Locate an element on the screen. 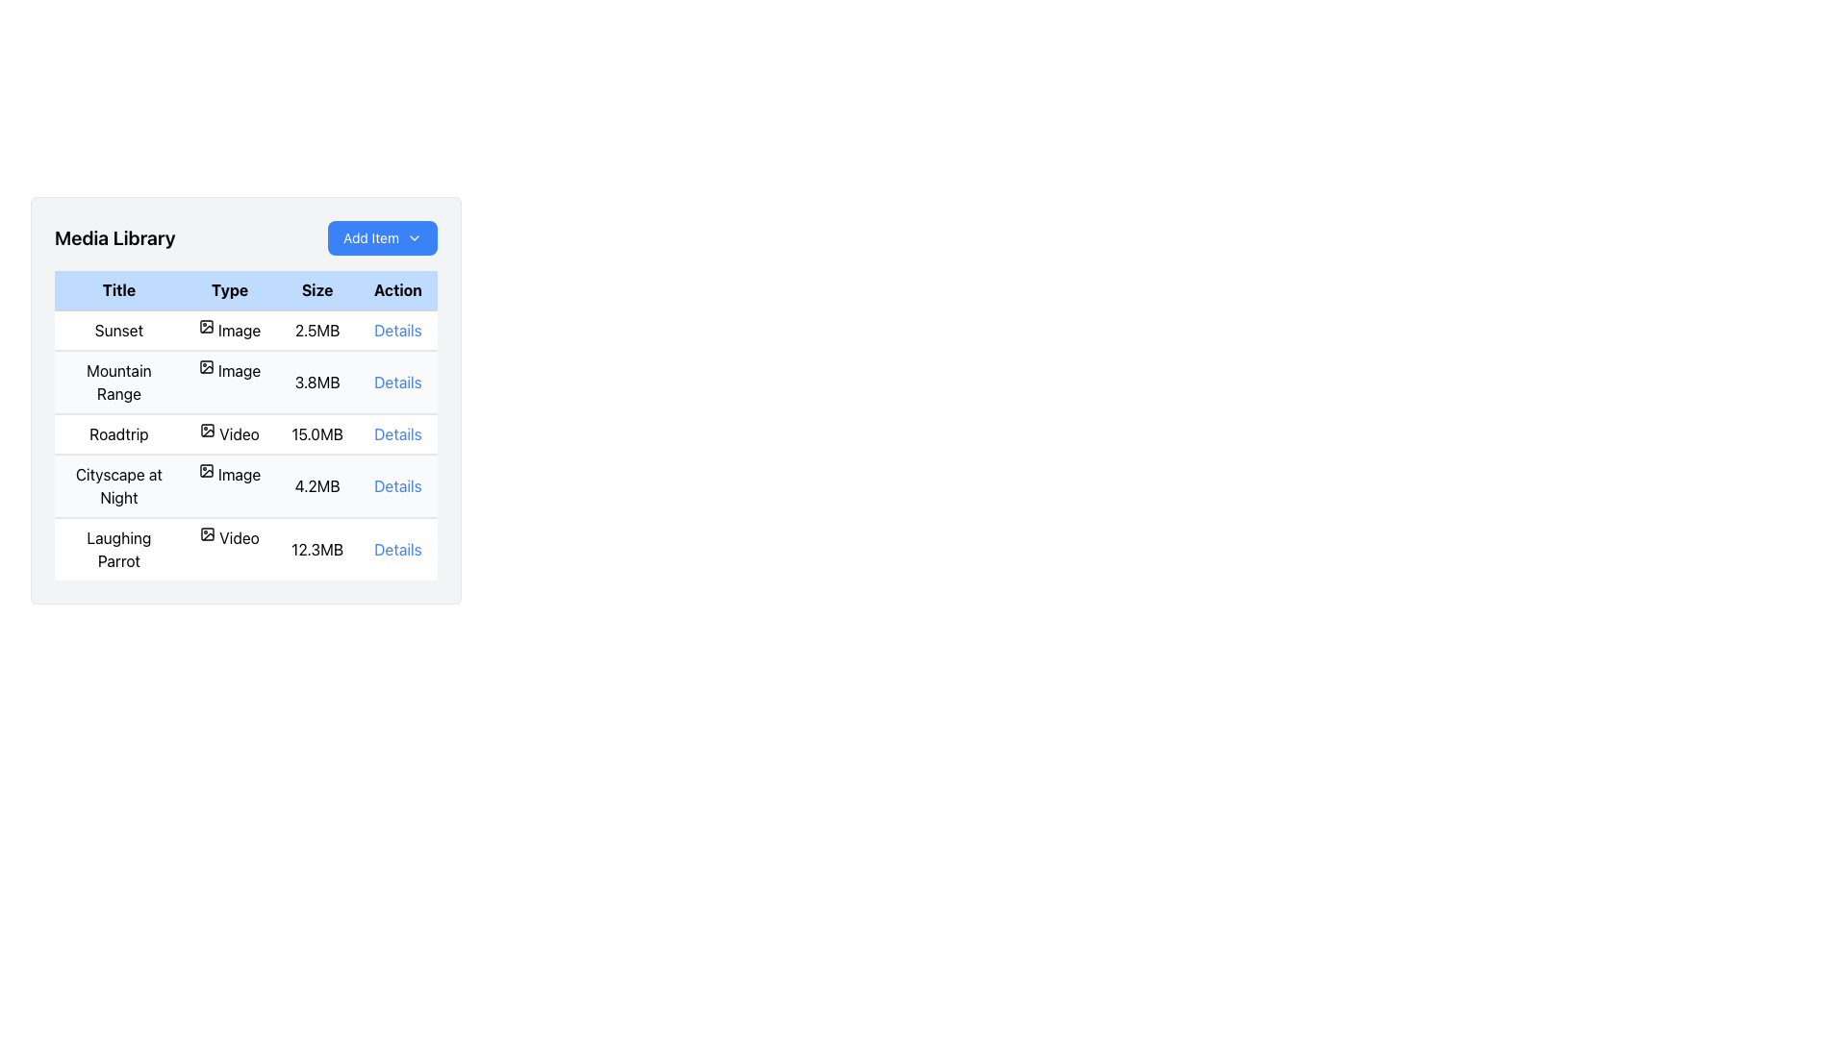  the text label displaying 'Roadtrip' in the title column of the media file table, located in the third row is located at coordinates (117, 433).